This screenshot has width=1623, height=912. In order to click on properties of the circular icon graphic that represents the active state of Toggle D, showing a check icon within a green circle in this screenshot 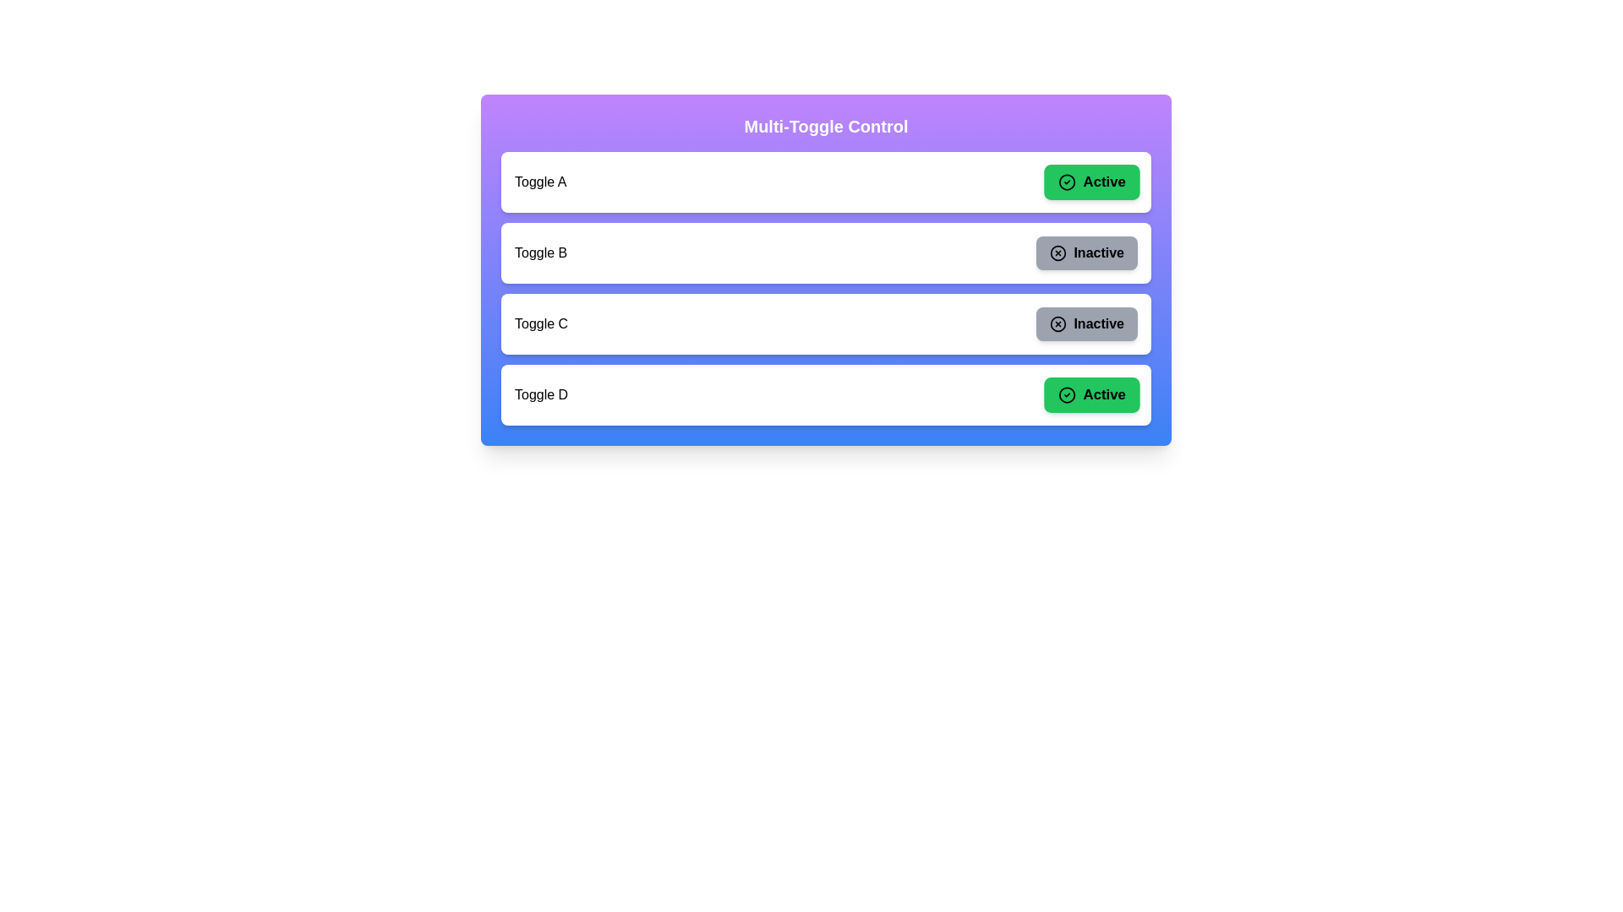, I will do `click(1066, 394)`.